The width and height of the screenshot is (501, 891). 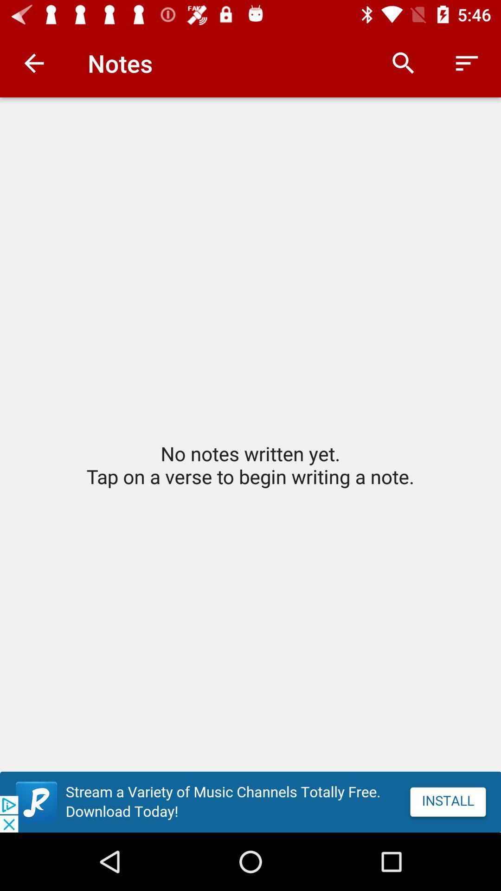 What do you see at coordinates (250, 801) in the screenshot?
I see `open advertisement` at bounding box center [250, 801].